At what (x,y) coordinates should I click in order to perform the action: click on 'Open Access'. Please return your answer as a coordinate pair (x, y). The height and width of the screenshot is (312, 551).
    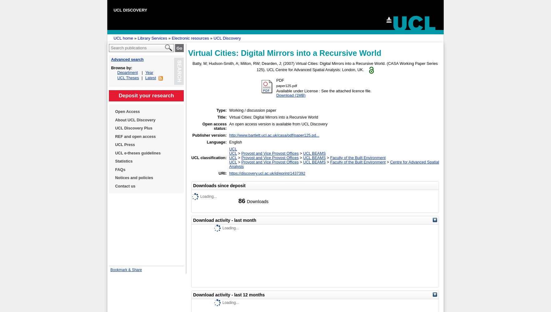
    Looking at the image, I should click on (127, 111).